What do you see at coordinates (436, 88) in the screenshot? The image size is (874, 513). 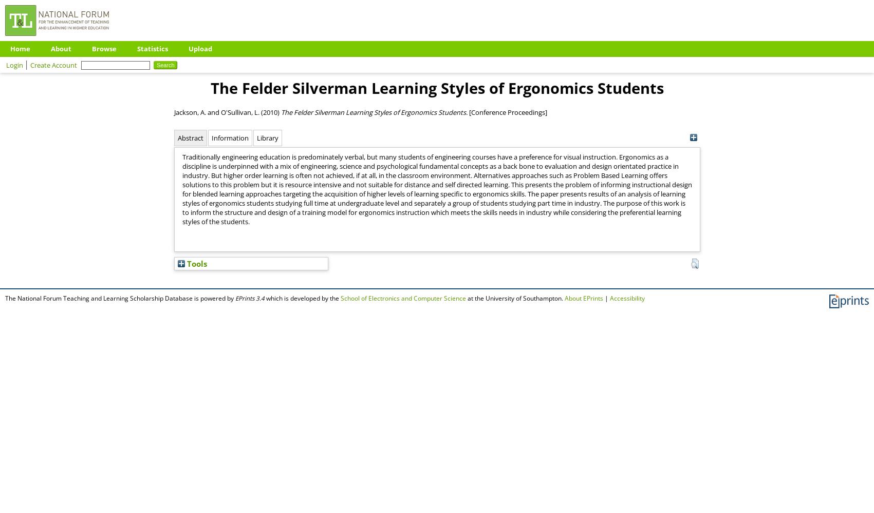 I see `'The Felder Silverman Learning Styles of Ergonomics Students'` at bounding box center [436, 88].